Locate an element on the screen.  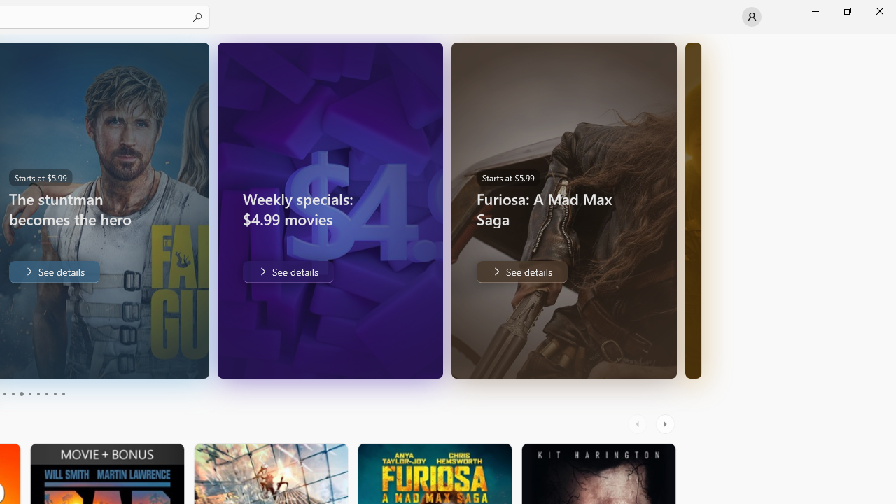
'Page 9' is located at coordinates (55, 394).